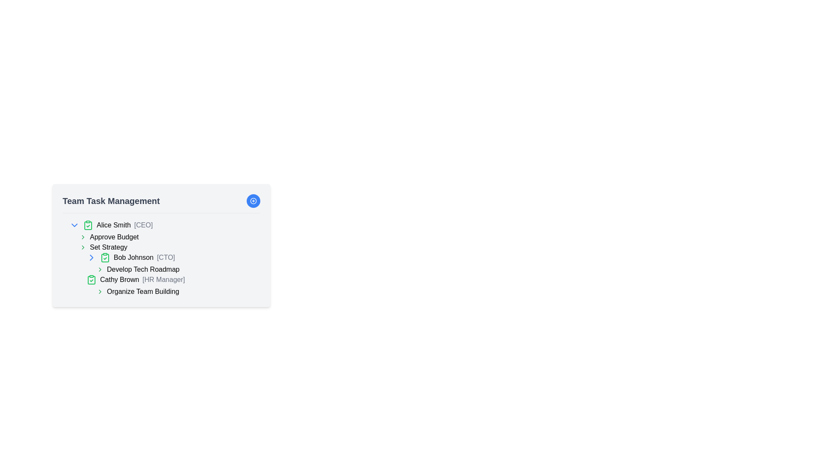 This screenshot has height=460, width=818. I want to click on the text label 'Bob Johnson' which is styled in a medium font weight and is part of the team management context under 'Set Strategy', so click(133, 257).